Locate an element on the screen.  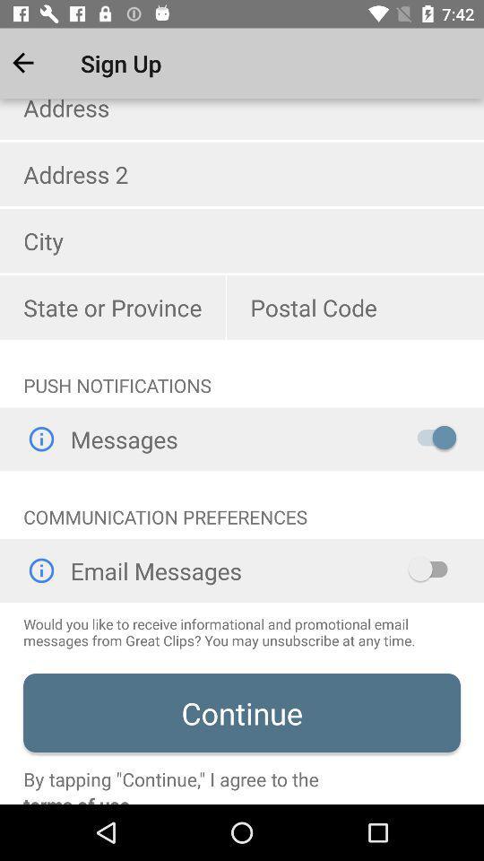
the info icon is located at coordinates (40, 438).